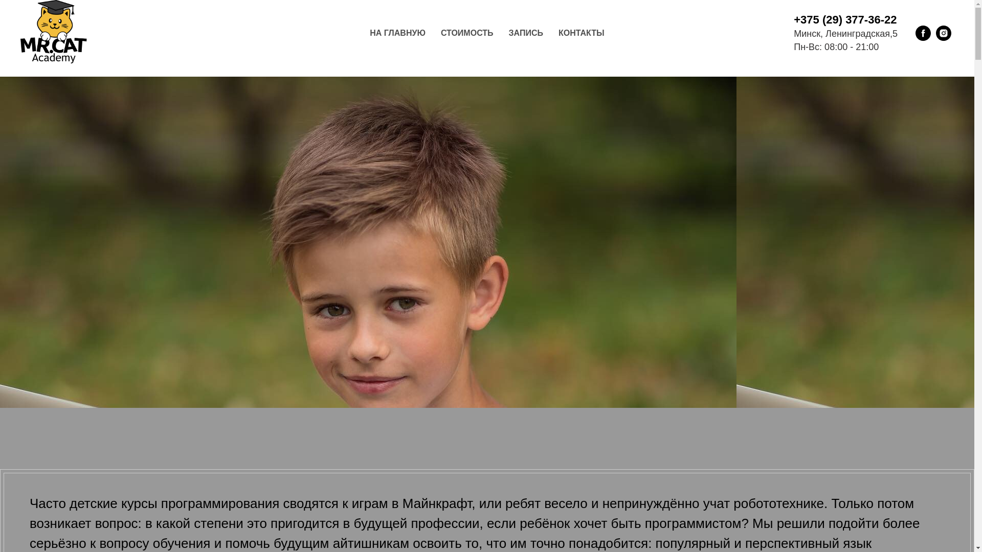 Image resolution: width=982 pixels, height=552 pixels. Describe the element at coordinates (845, 19) in the screenshot. I see `'+375 (29) 377-36-22'` at that location.